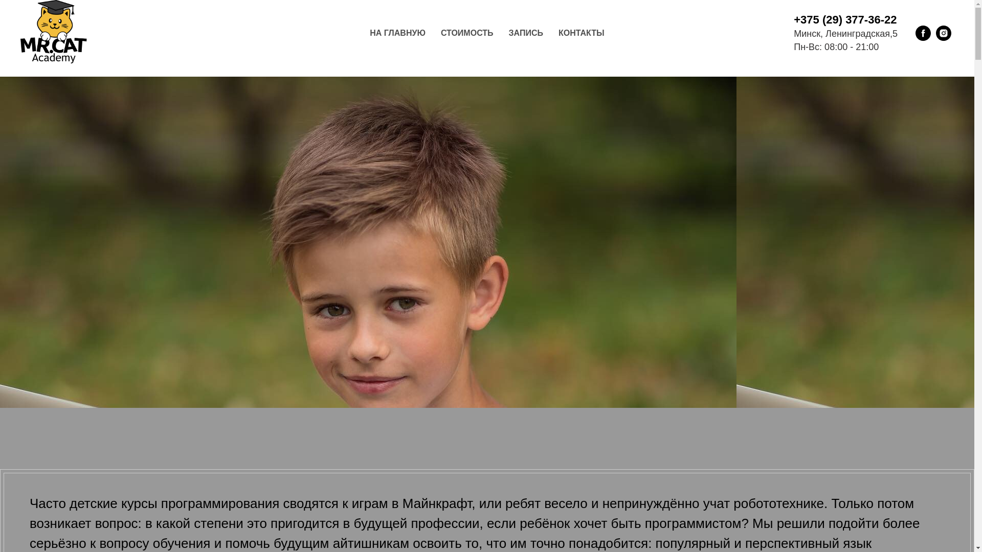 Image resolution: width=982 pixels, height=552 pixels. Describe the element at coordinates (845, 19) in the screenshot. I see `'+375 (29) 377-36-22'` at that location.